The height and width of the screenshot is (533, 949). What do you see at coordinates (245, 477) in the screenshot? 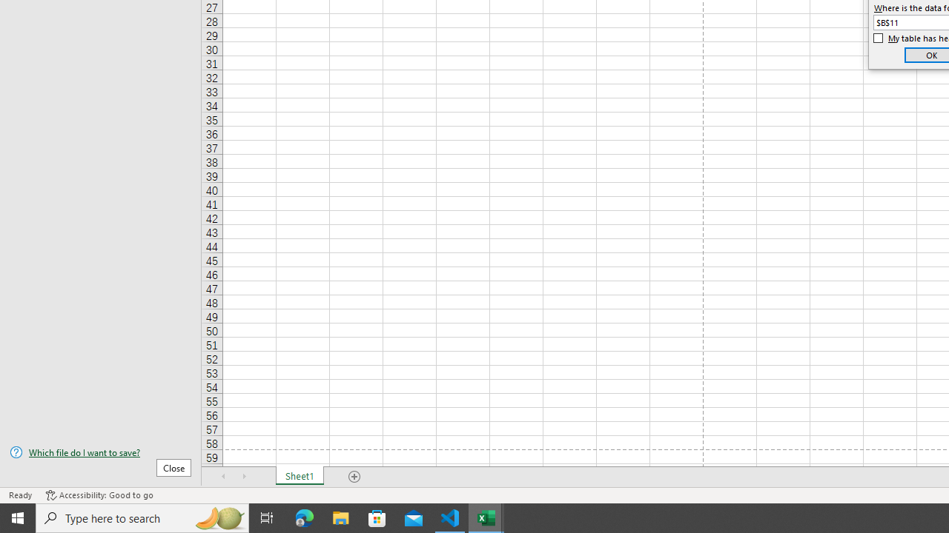
I see `'Scroll Right'` at bounding box center [245, 477].